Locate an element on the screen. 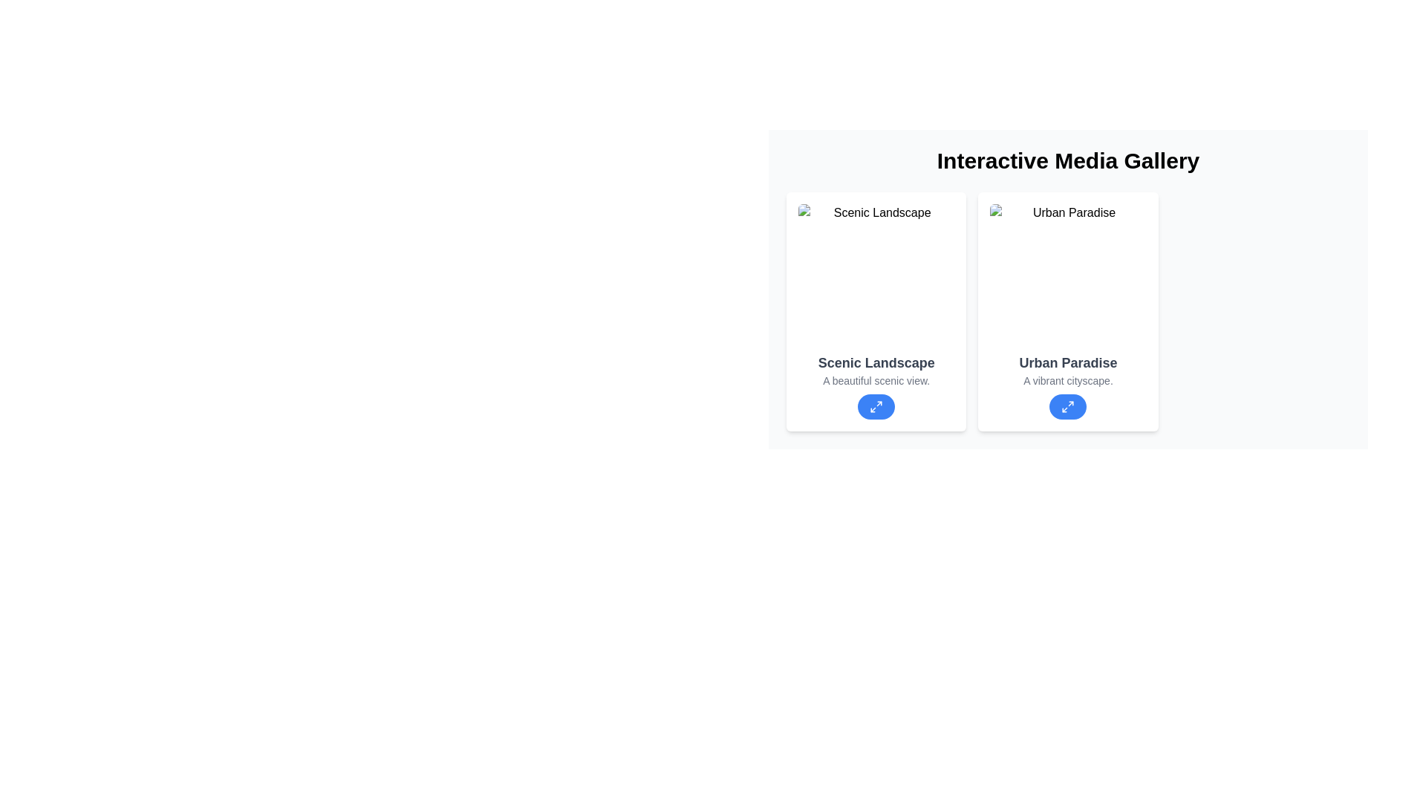  the text label displaying 'A beautiful scenic view.' located within the 'Scenic Landscape' card, positioned below the bold title and above the interactive button is located at coordinates (876, 380).